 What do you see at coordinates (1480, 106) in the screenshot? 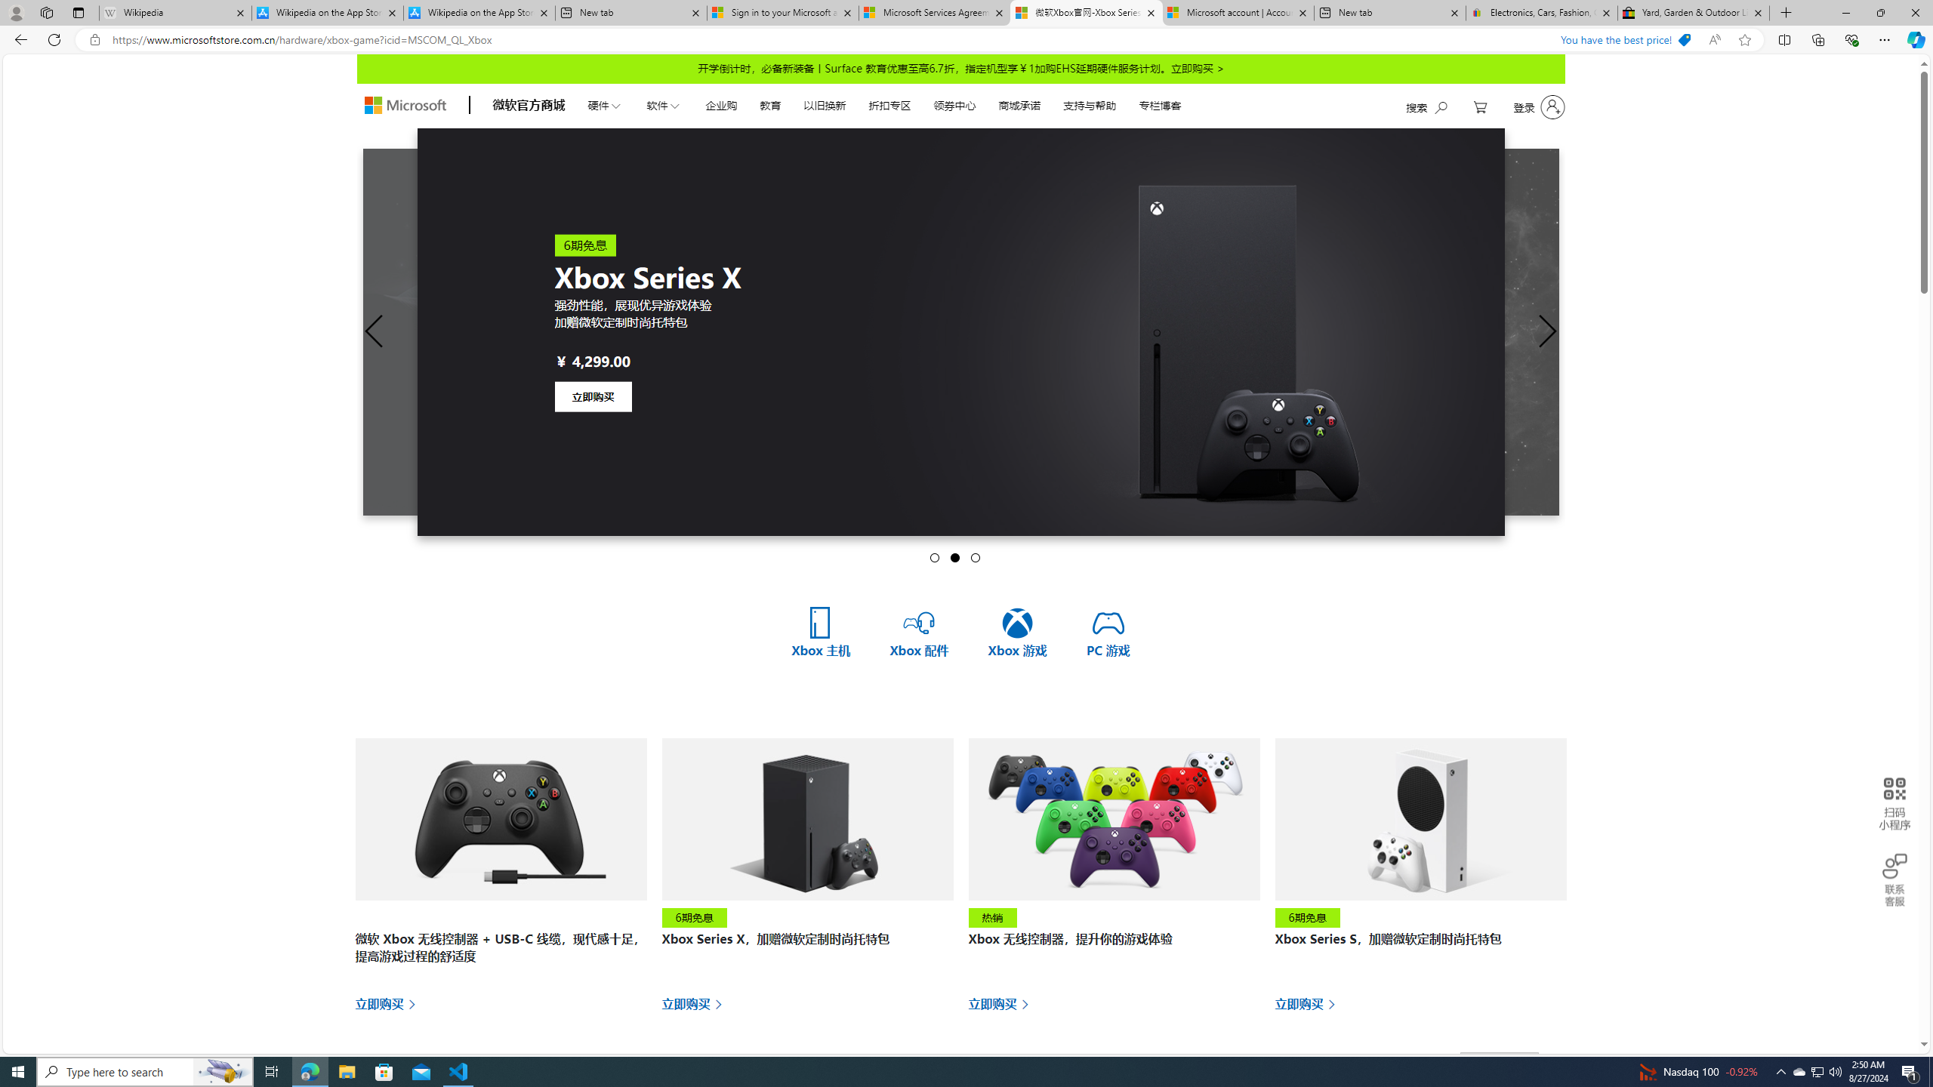
I see `'My Cart'` at bounding box center [1480, 106].